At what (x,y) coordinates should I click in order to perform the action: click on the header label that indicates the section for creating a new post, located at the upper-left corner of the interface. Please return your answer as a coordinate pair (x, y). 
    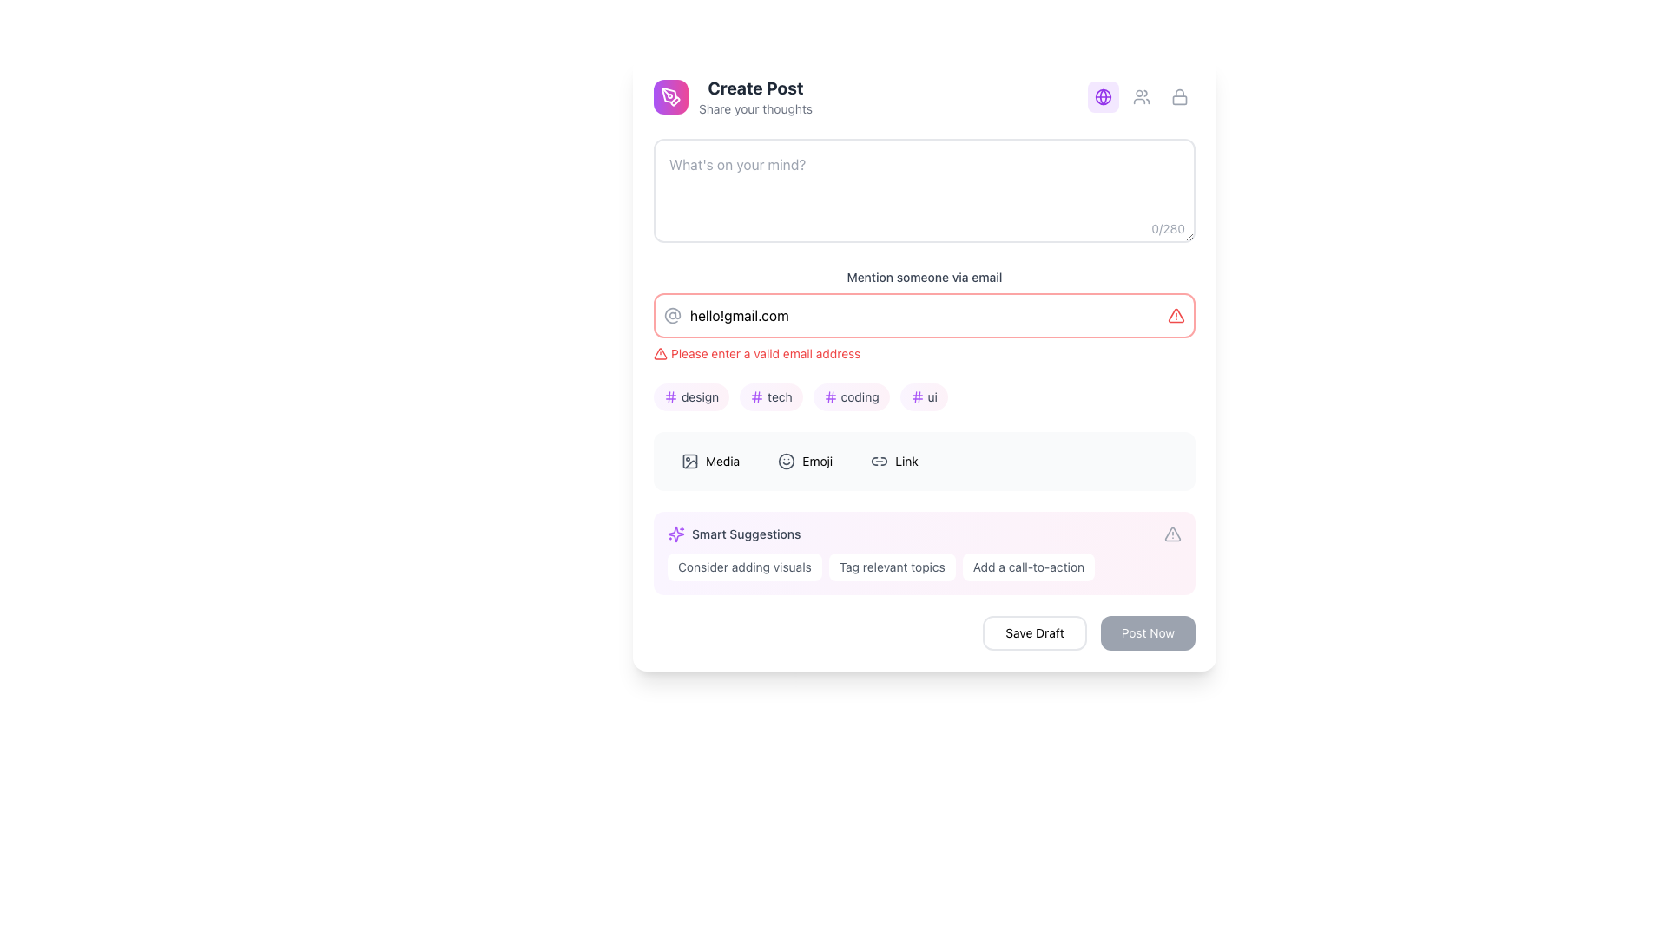
    Looking at the image, I should click on (733, 96).